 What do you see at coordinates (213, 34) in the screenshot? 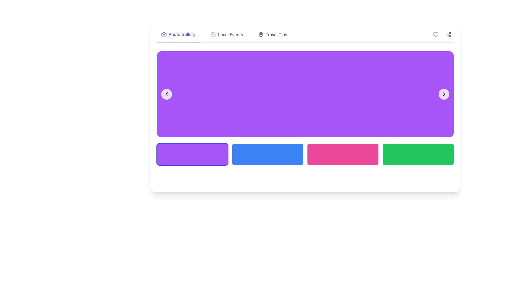
I see `the 'Local Events' icon in the navigation menu, which is visually identifiable as the symbol for events located adjacent to 'Photo Gallery' and 'Travel Tips'` at bounding box center [213, 34].